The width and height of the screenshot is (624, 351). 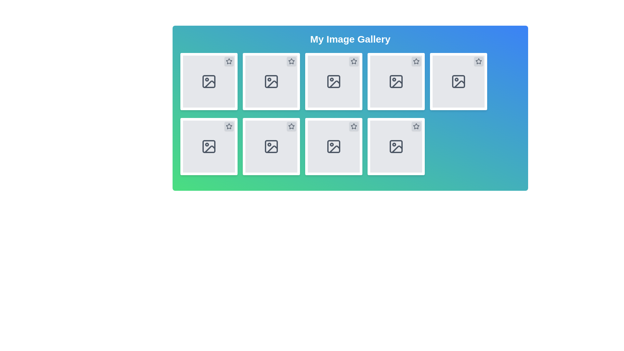 What do you see at coordinates (416, 126) in the screenshot?
I see `the star-shaped icon button located in the top-right corner of the bottom-right card in the image gallery` at bounding box center [416, 126].